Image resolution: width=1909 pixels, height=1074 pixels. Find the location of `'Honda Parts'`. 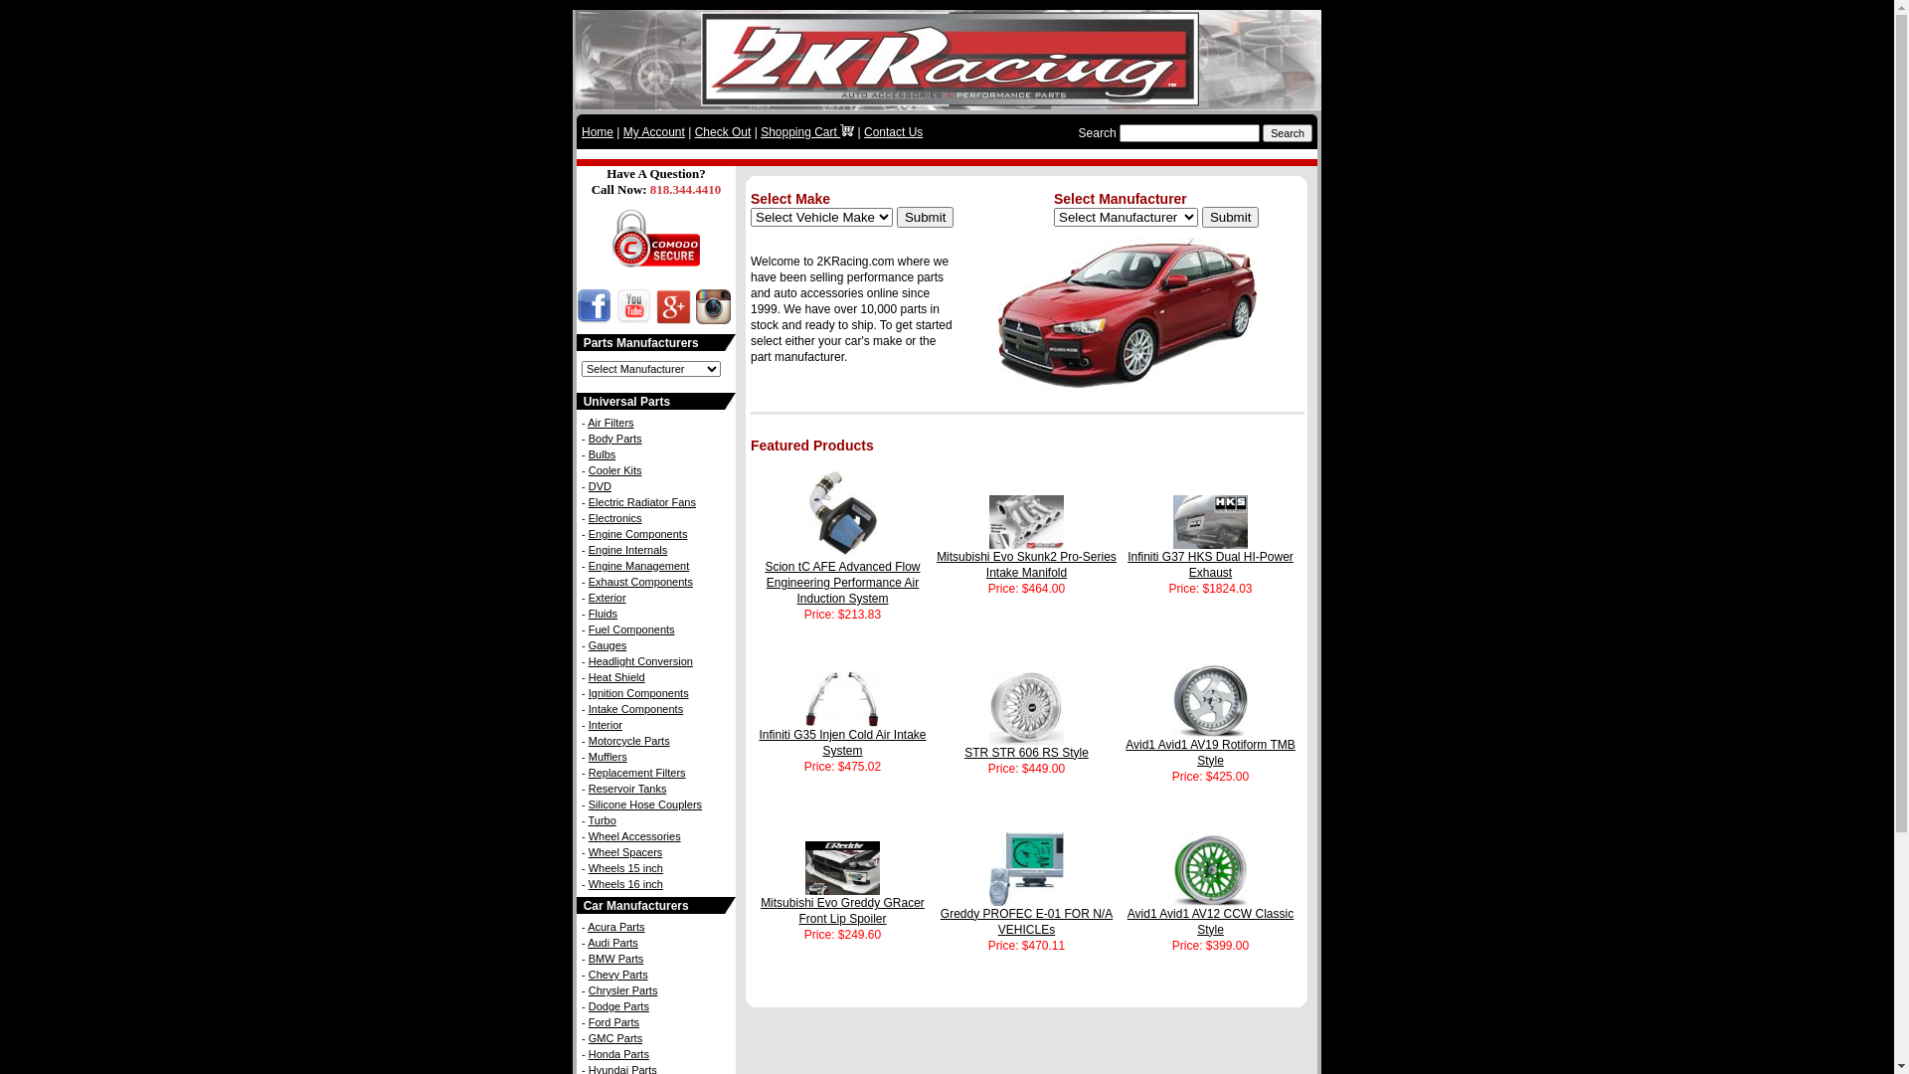

'Honda Parts' is located at coordinates (587, 1053).